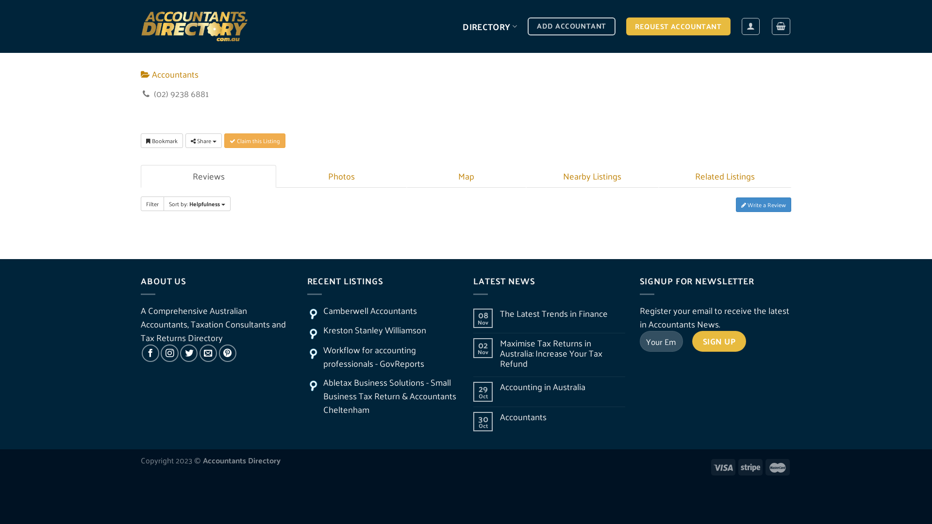  I want to click on 'Sort by: Helpfulness', so click(197, 203).